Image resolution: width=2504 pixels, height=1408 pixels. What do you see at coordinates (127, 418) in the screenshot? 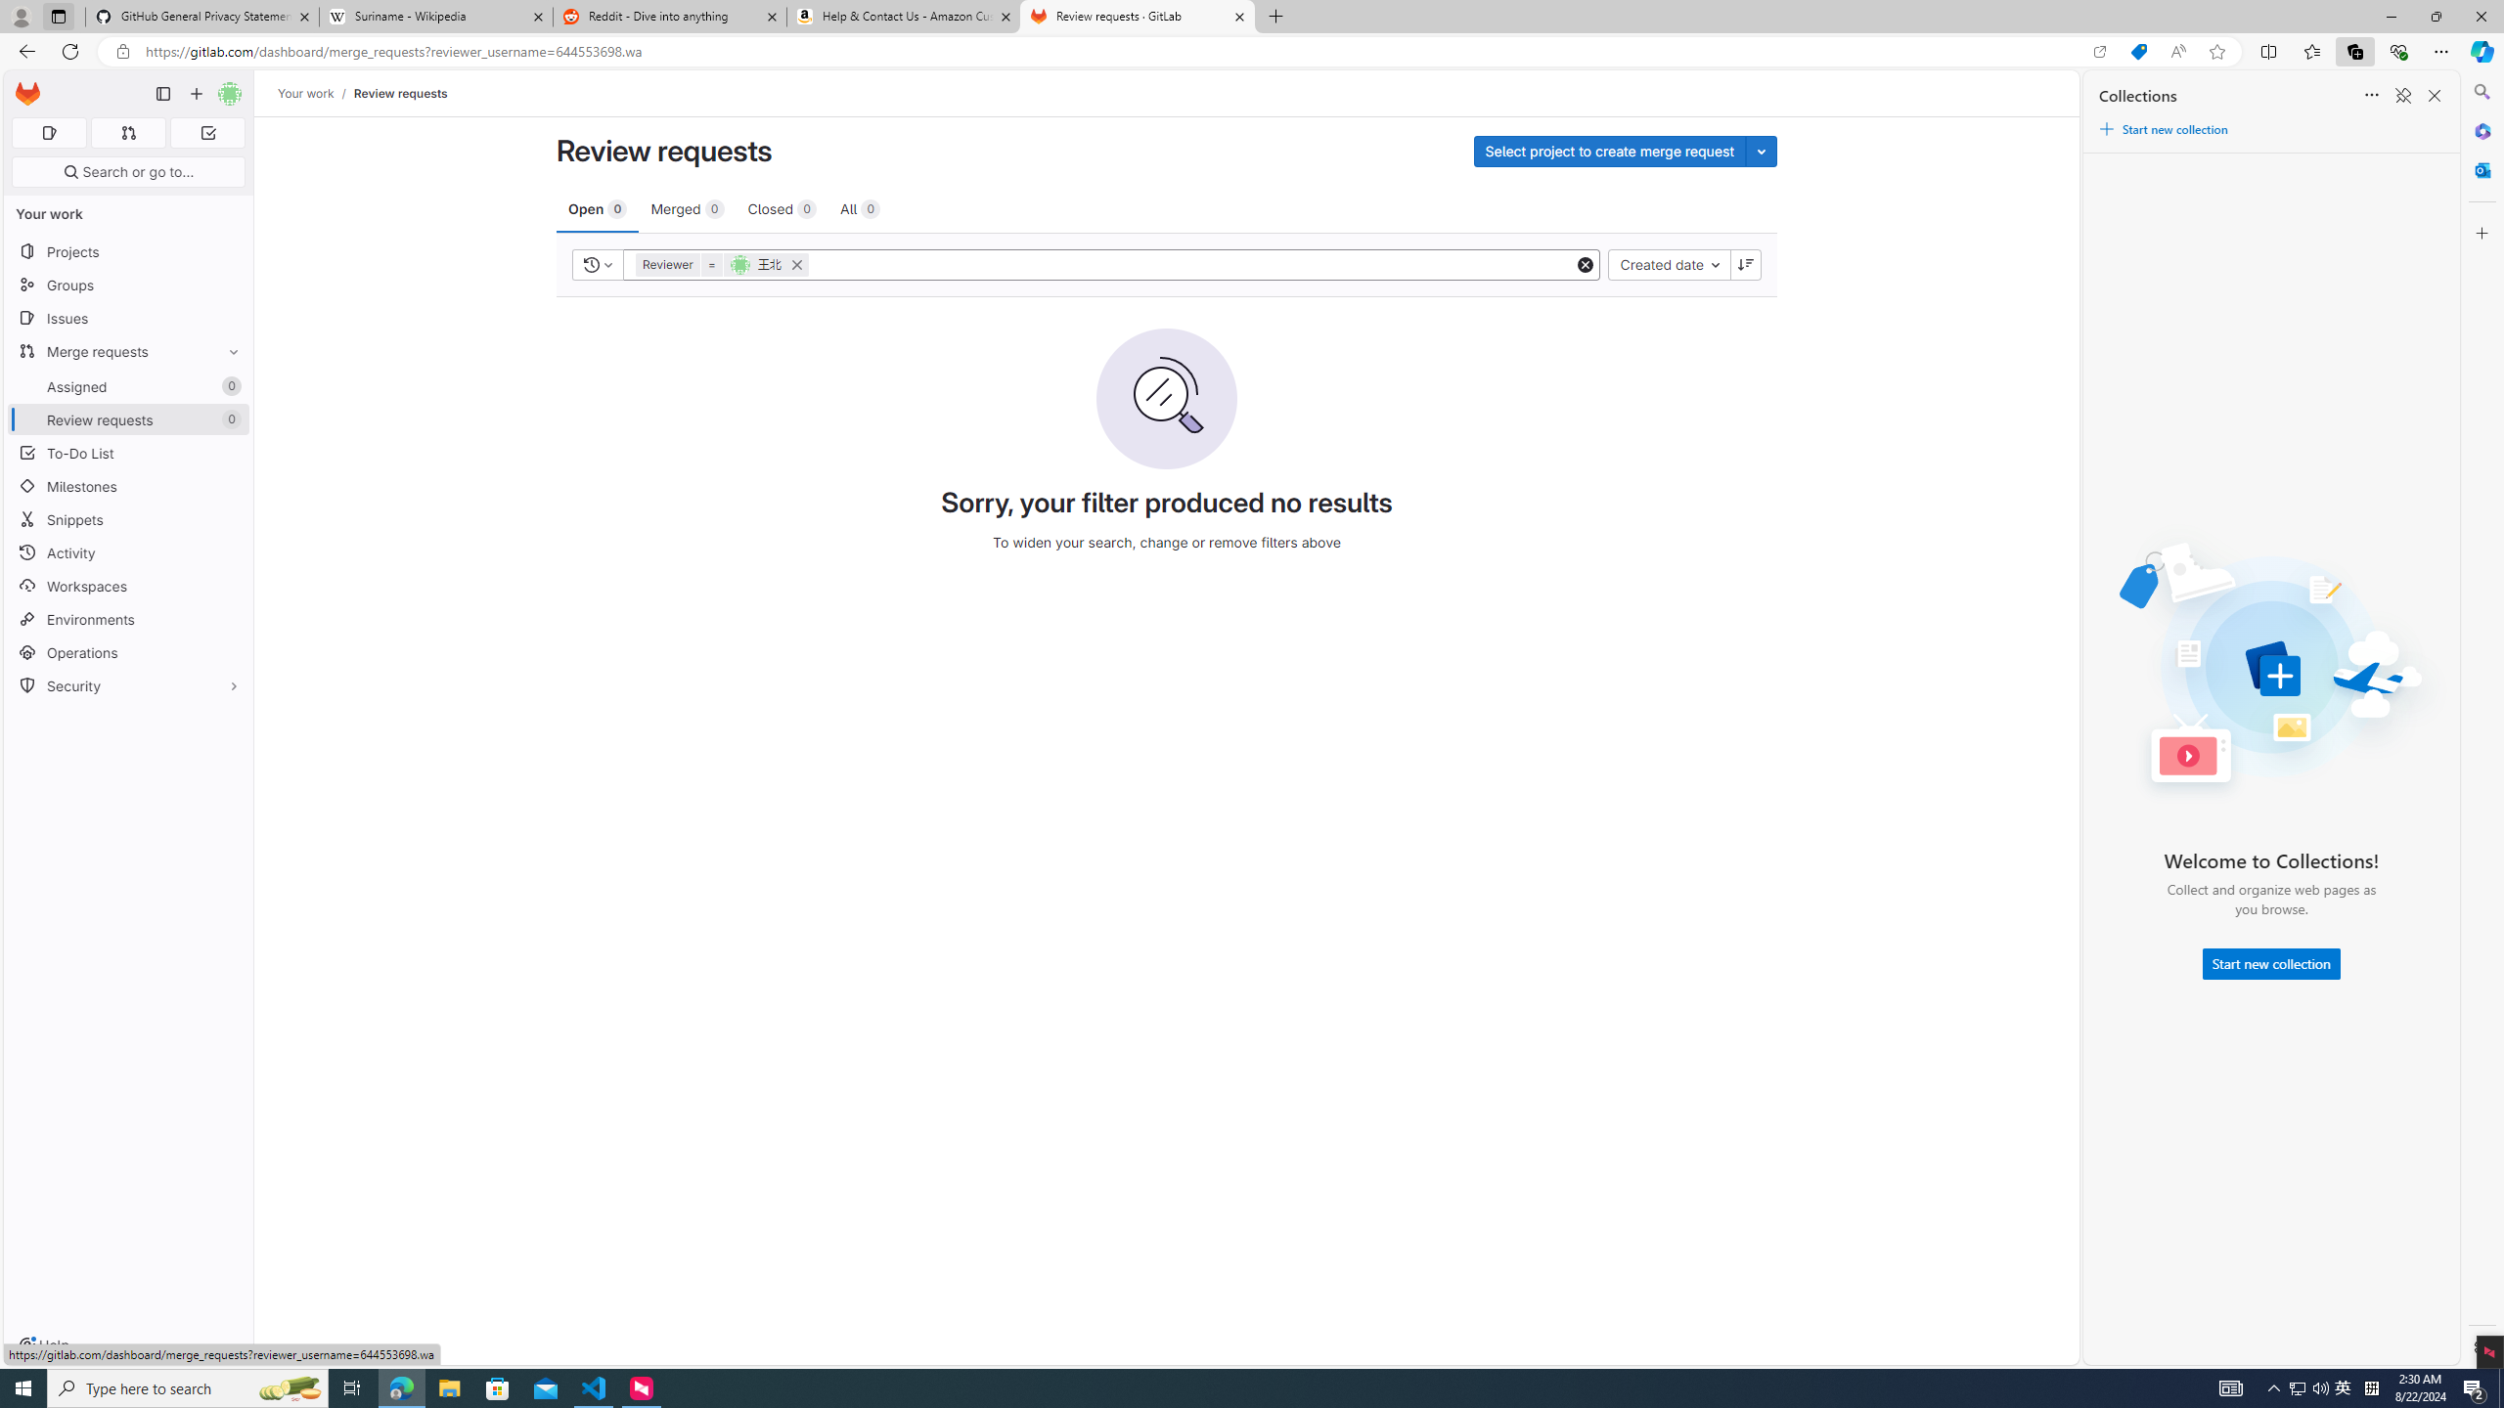
I see `'Review requests0'` at bounding box center [127, 418].